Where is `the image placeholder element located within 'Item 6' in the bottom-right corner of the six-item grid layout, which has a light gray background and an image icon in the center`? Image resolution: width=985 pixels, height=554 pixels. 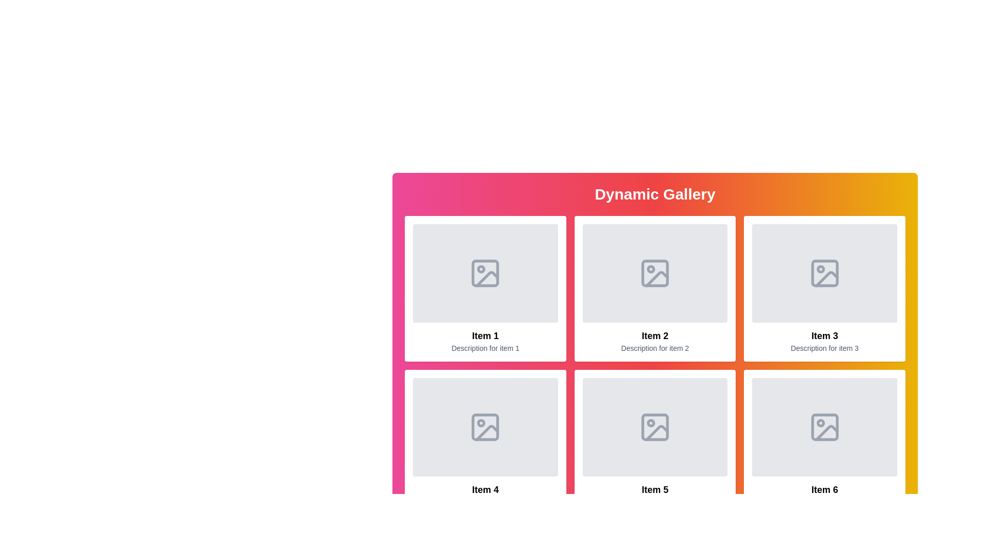
the image placeholder element located within 'Item 6' in the bottom-right corner of the six-item grid layout, which has a light gray background and an image icon in the center is located at coordinates (824, 427).